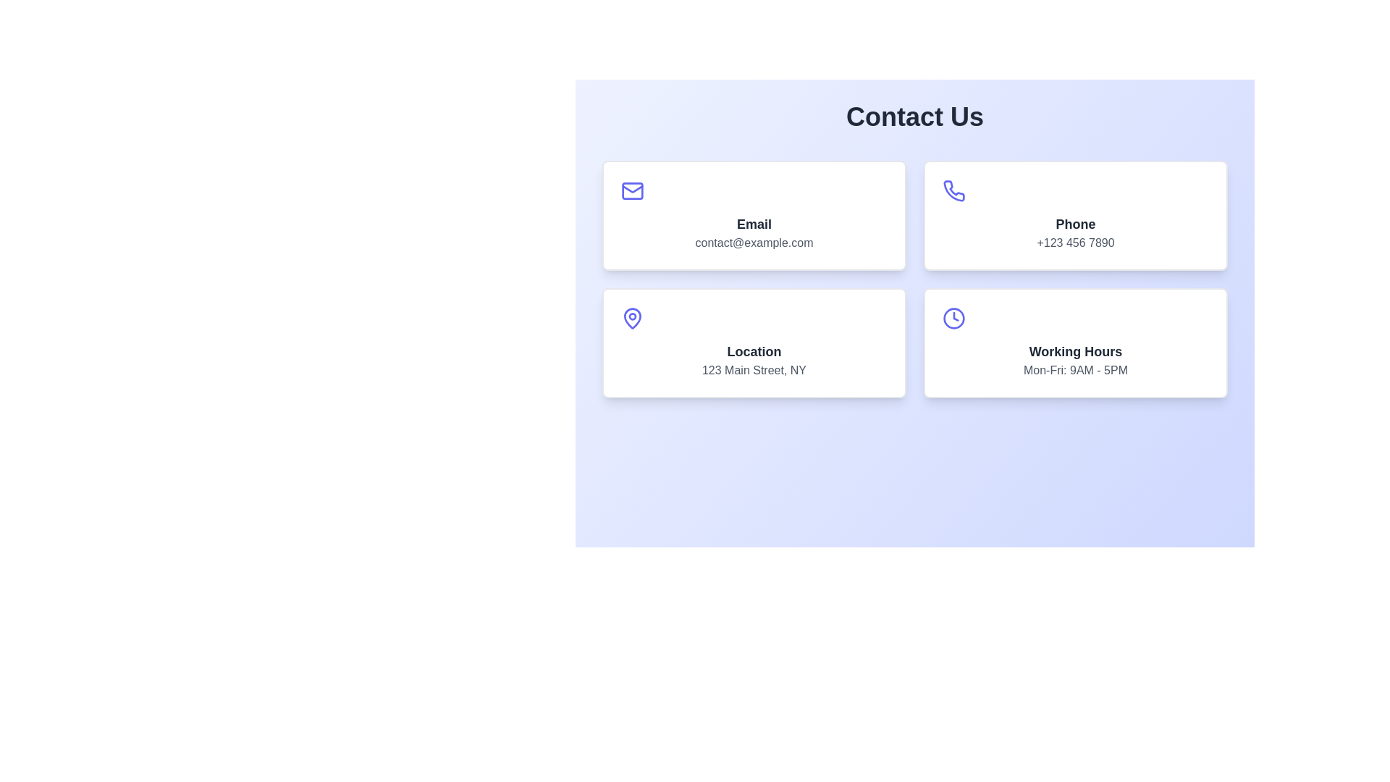 The height and width of the screenshot is (782, 1390). Describe the element at coordinates (954, 190) in the screenshot. I see `the phone call icon located at the top-left corner of the 'Phone' section within the 'Contact Us' card layout, which is positioned above the text 'Phone' and to the left of '+123 456 7890'` at that location.